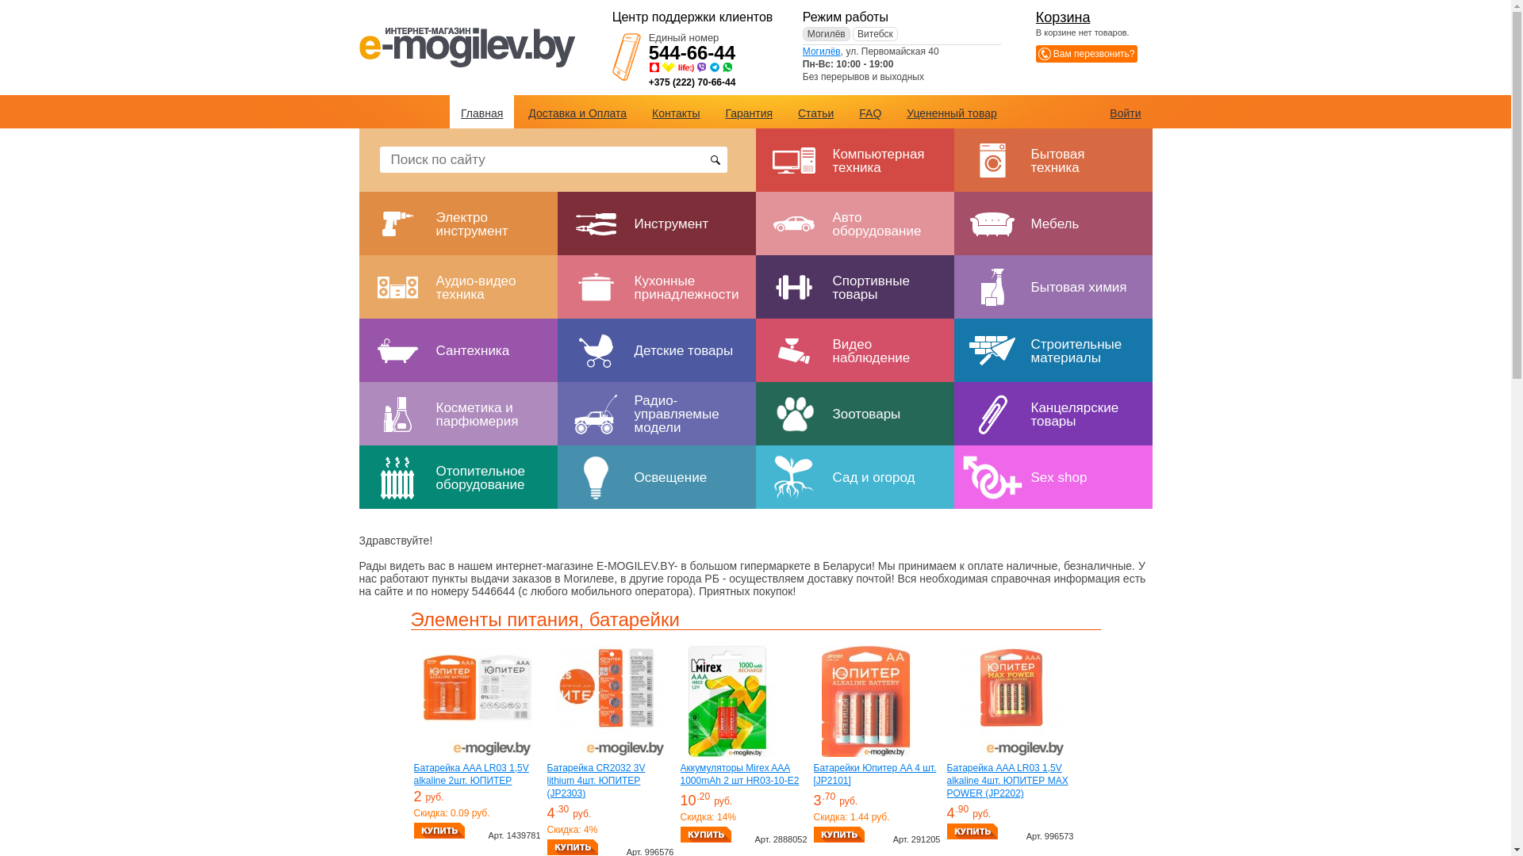 This screenshot has height=856, width=1523. Describe the element at coordinates (1052, 476) in the screenshot. I see `'Sex shop'` at that location.